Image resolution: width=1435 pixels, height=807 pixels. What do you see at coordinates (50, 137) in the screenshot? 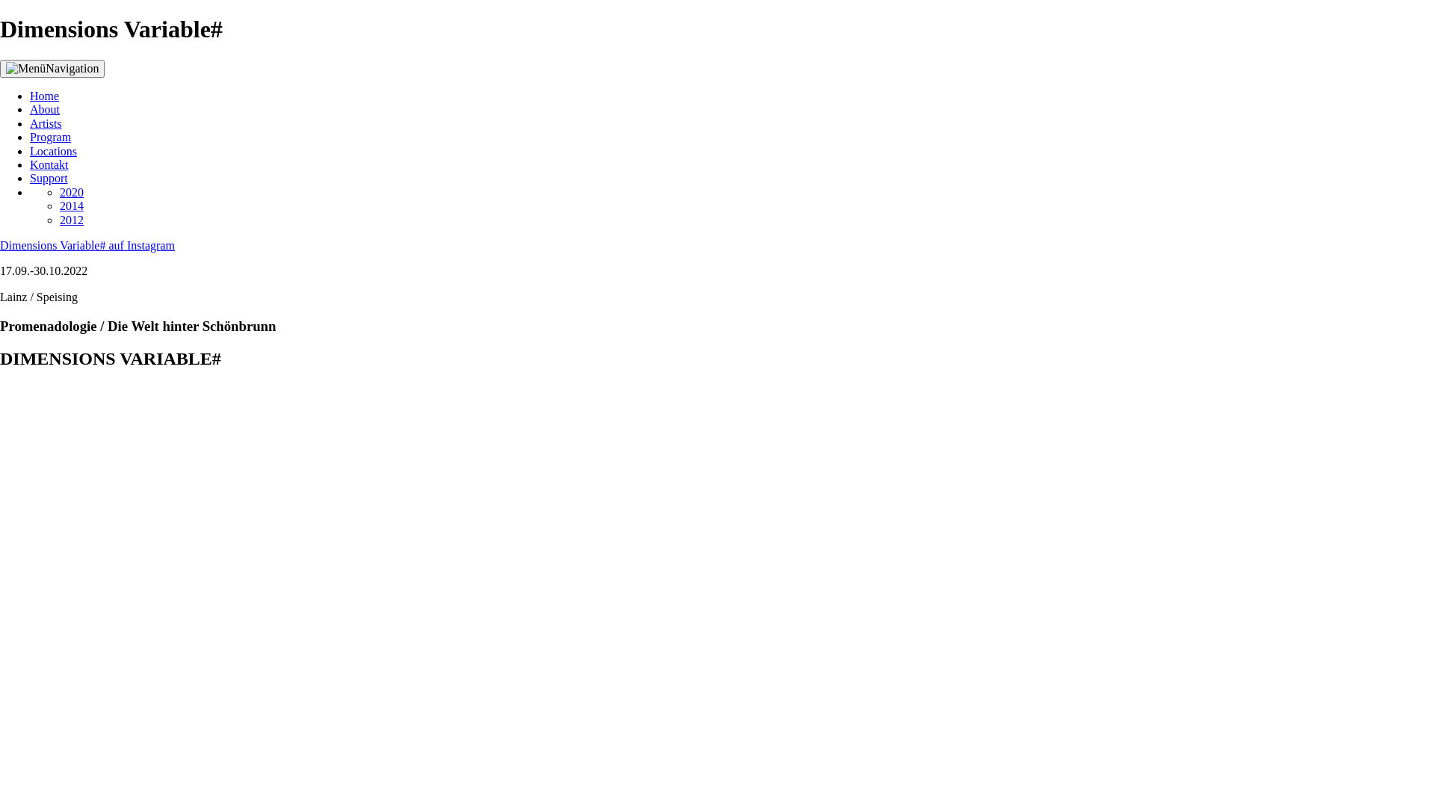
I see `'Program'` at bounding box center [50, 137].